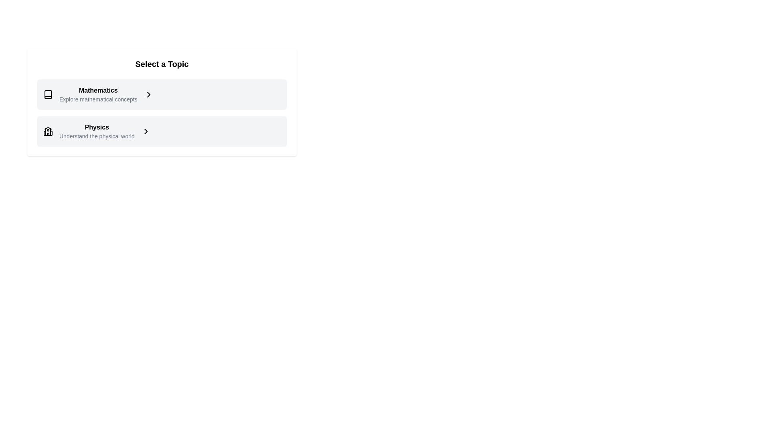 The width and height of the screenshot is (770, 433). Describe the element at coordinates (161, 113) in the screenshot. I see `the selection area for topics, which includes 'Mathematics' and 'Physics', to potentially open a context menu` at that location.